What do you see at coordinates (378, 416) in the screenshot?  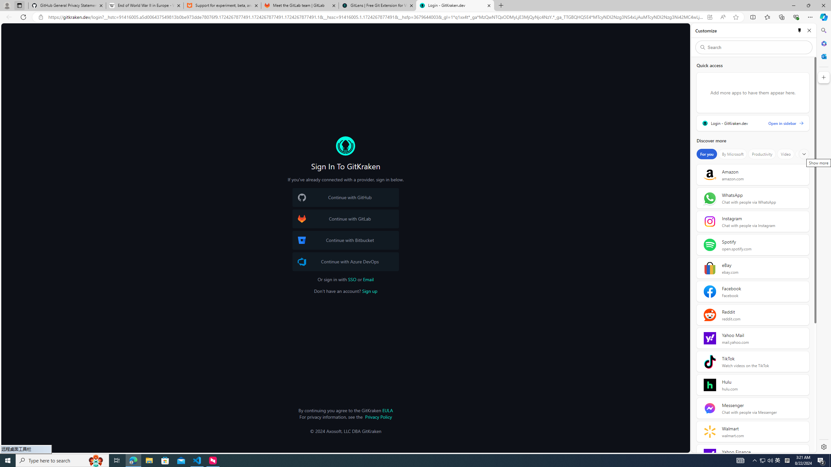 I see `'Privacy Policy'` at bounding box center [378, 416].